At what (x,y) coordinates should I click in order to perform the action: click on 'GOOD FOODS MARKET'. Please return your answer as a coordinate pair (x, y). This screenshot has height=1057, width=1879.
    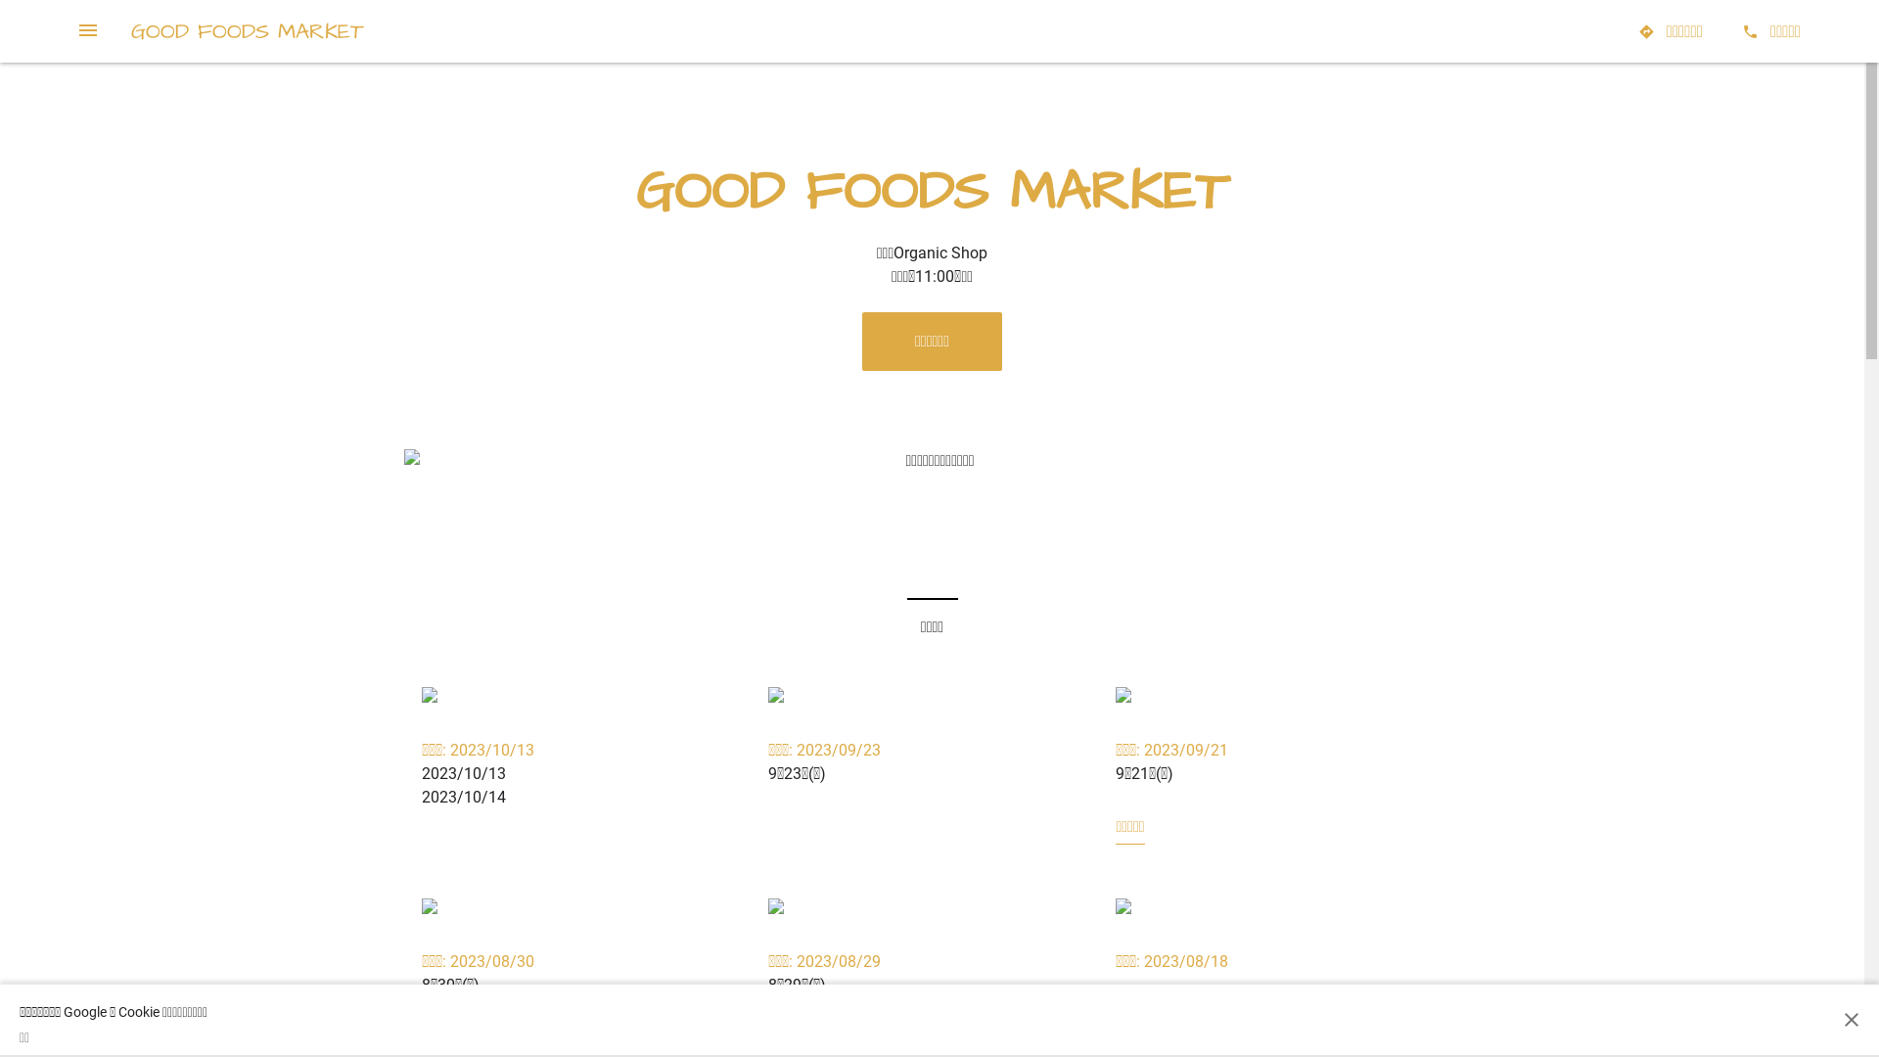
    Looking at the image, I should click on (247, 30).